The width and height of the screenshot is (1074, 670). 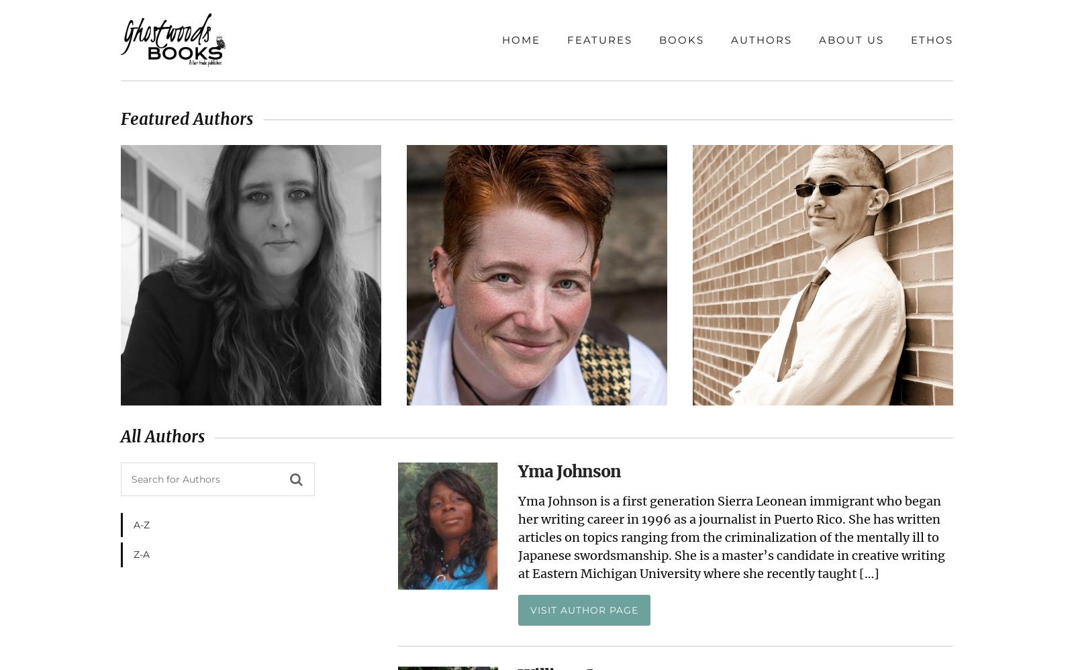 I want to click on 'Authors', so click(x=761, y=39).